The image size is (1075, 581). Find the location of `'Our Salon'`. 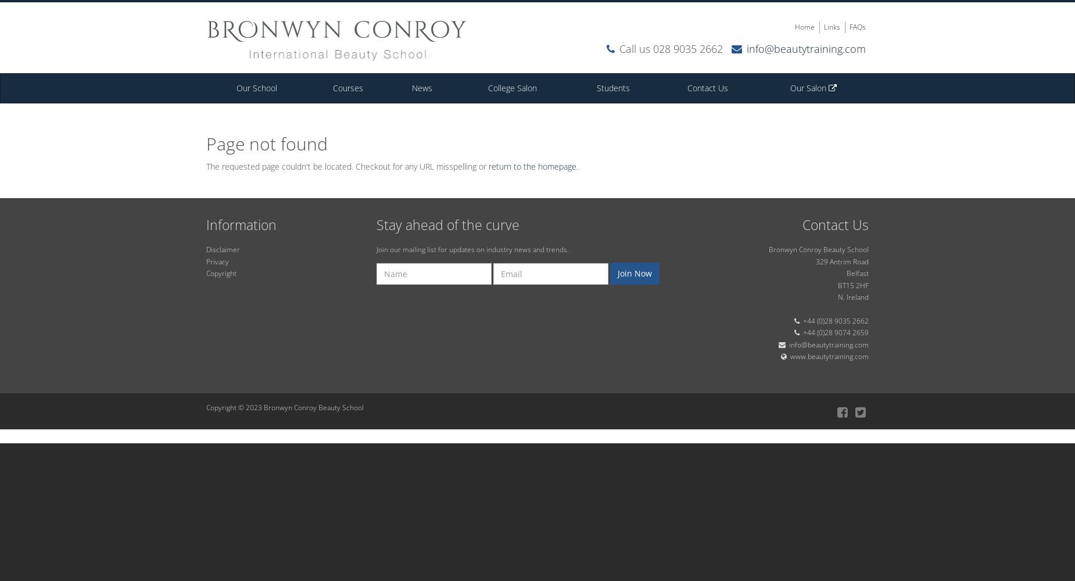

'Our Salon' is located at coordinates (808, 88).